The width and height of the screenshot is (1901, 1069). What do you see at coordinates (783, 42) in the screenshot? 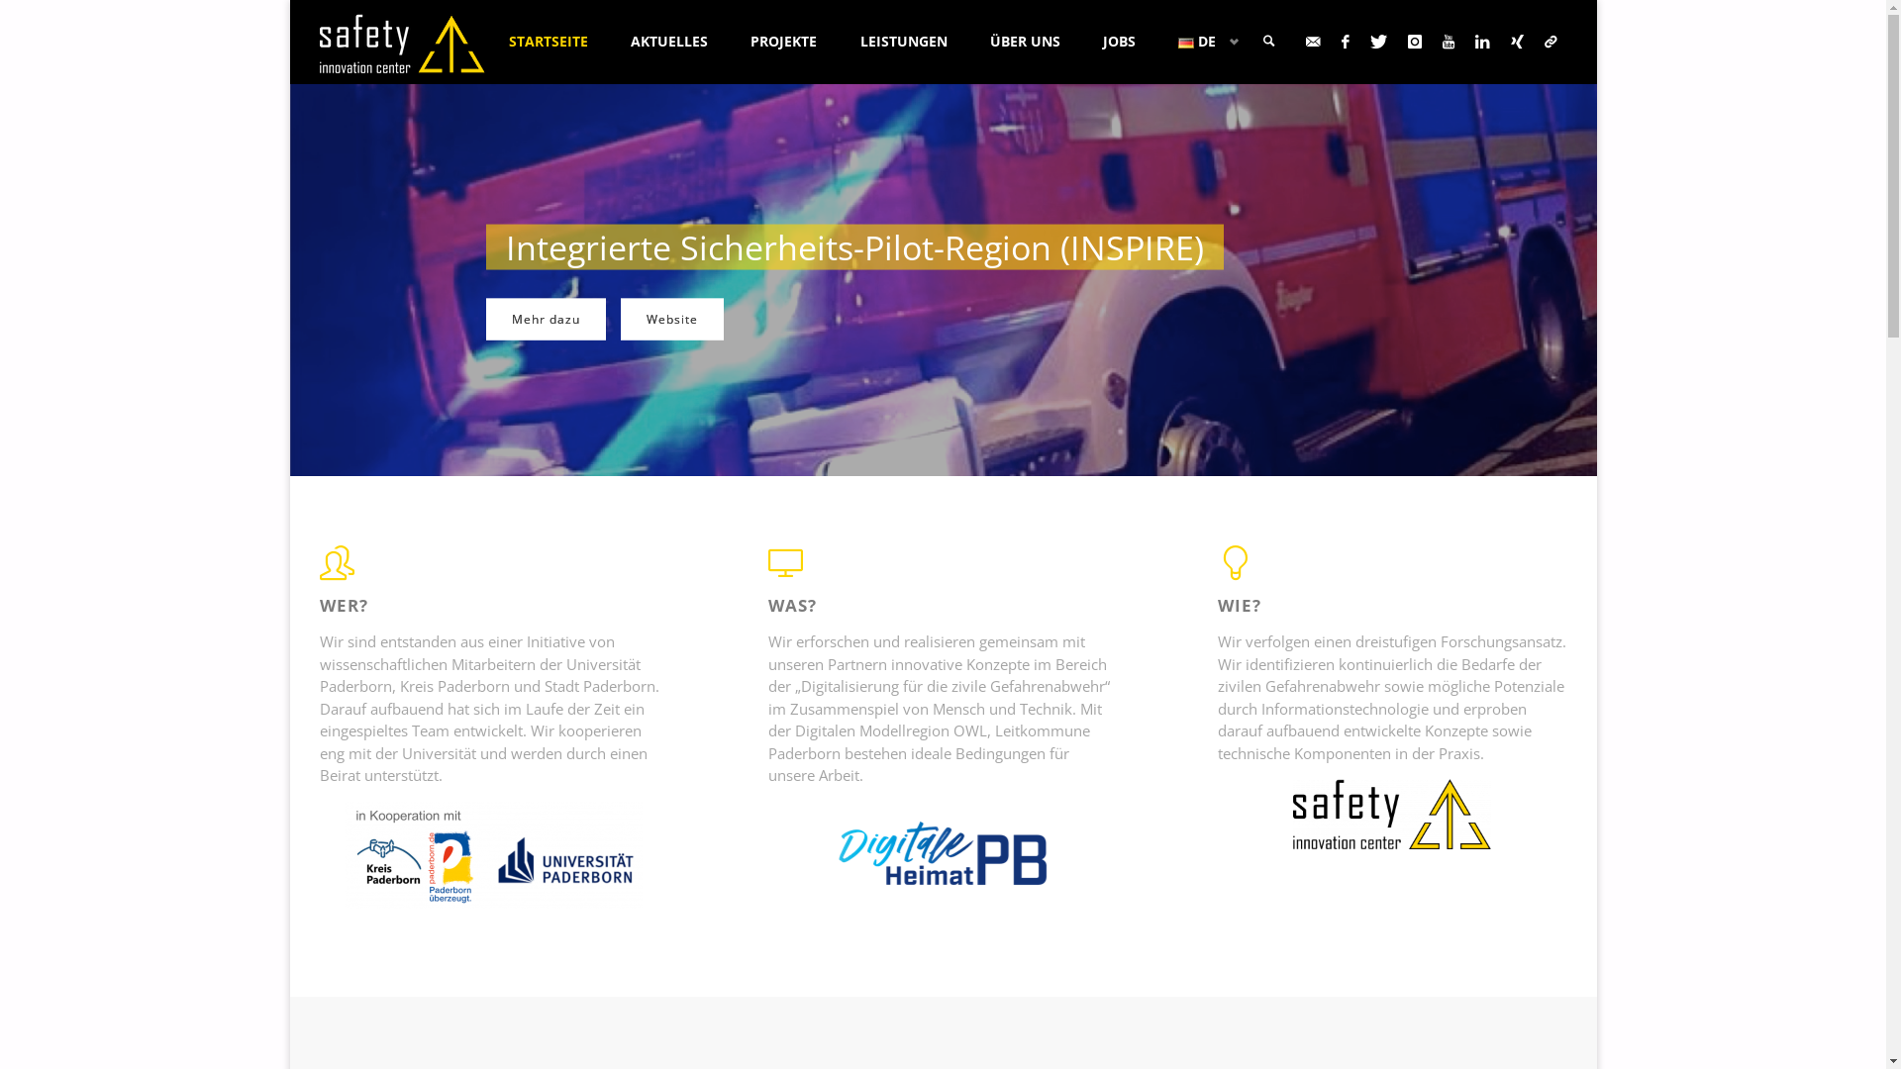
I see `'PROJEKTE'` at bounding box center [783, 42].